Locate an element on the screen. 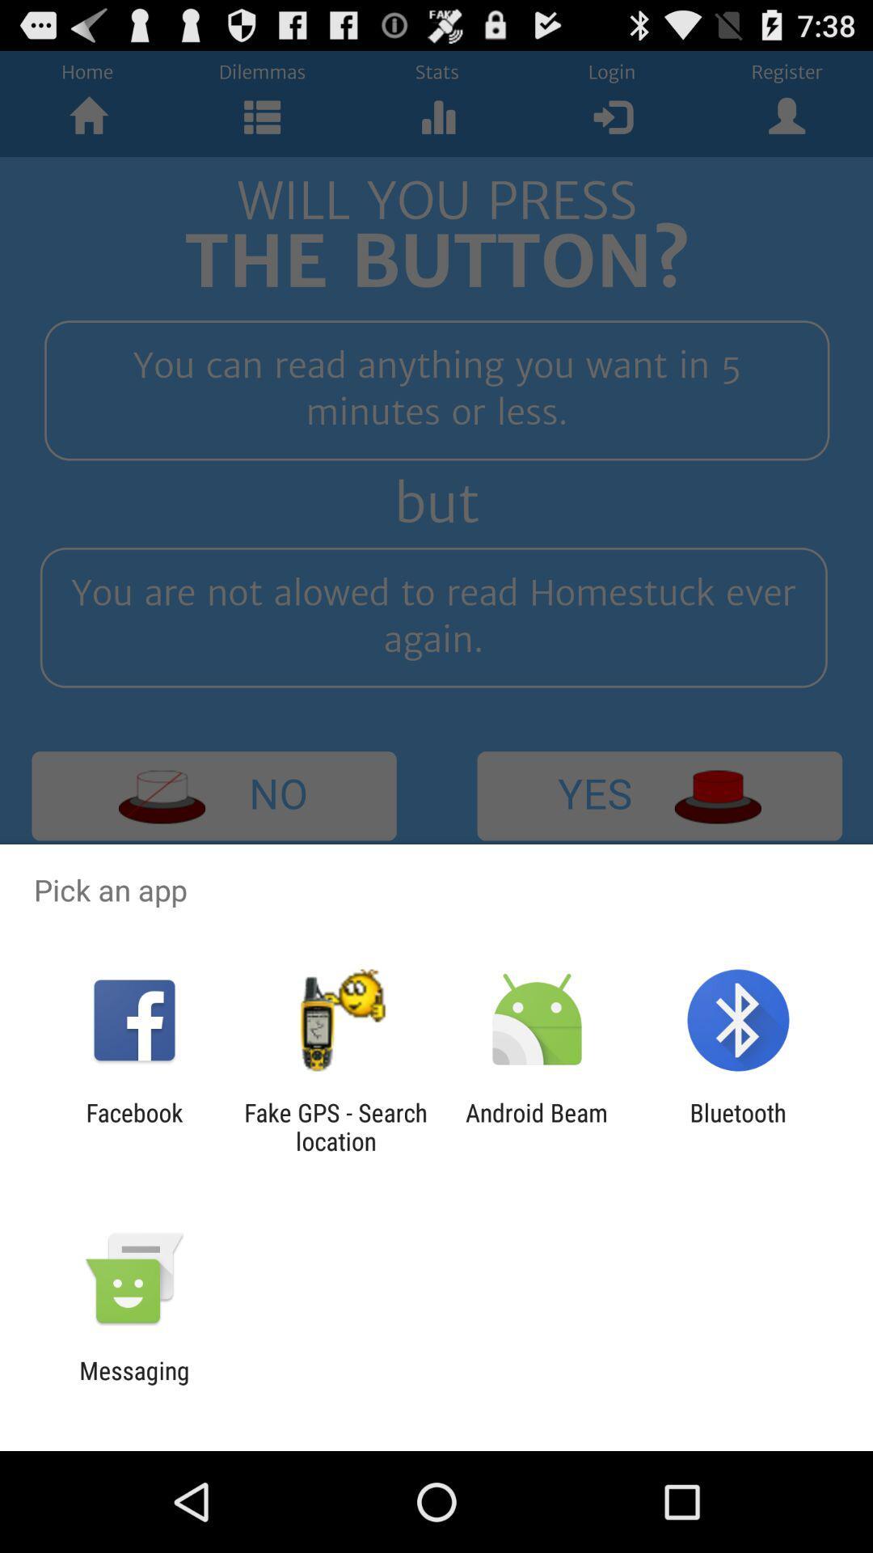 The height and width of the screenshot is (1553, 873). the app next to the fake gps search is located at coordinates (133, 1126).